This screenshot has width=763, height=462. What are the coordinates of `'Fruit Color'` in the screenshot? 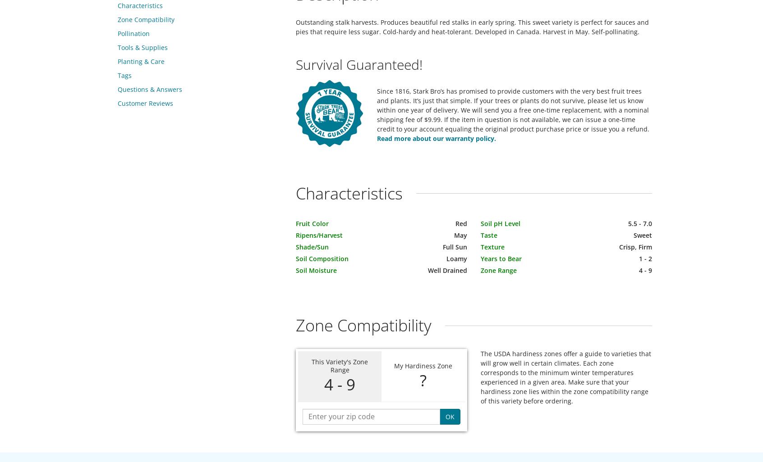 It's located at (312, 223).